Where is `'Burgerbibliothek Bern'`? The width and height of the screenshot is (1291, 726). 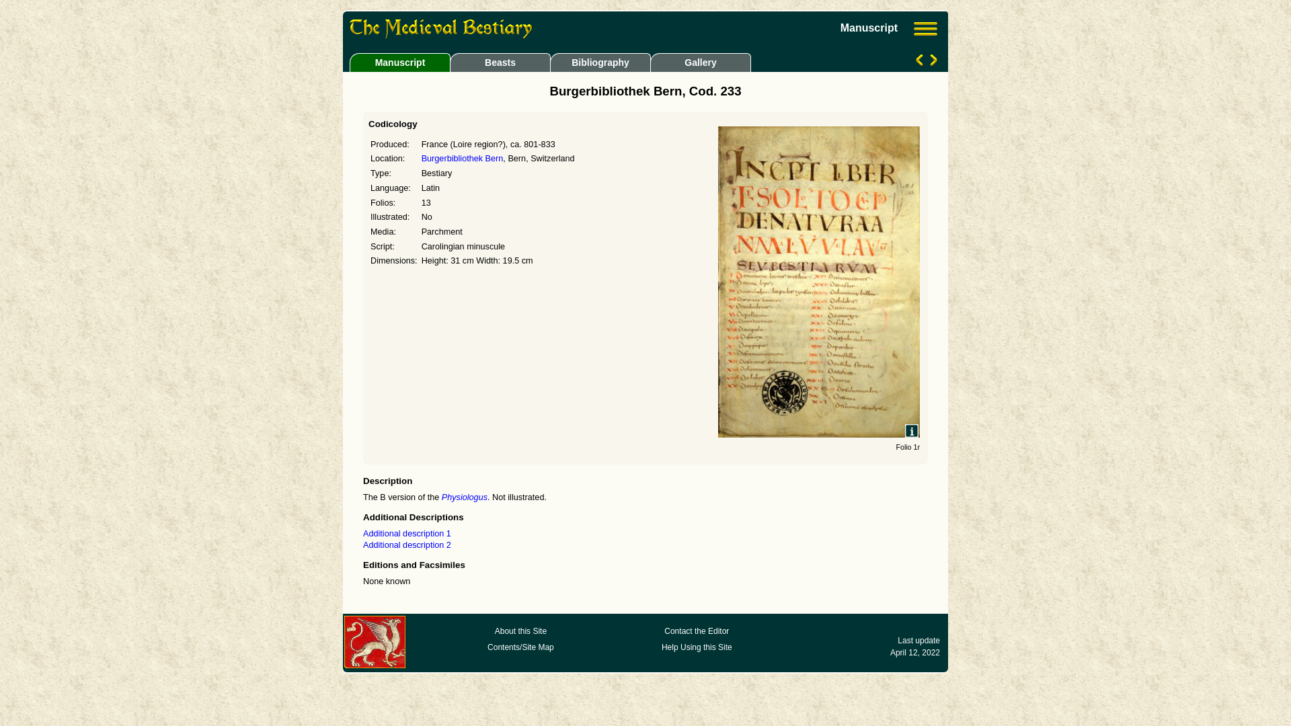
'Burgerbibliothek Bern' is located at coordinates (421, 157).